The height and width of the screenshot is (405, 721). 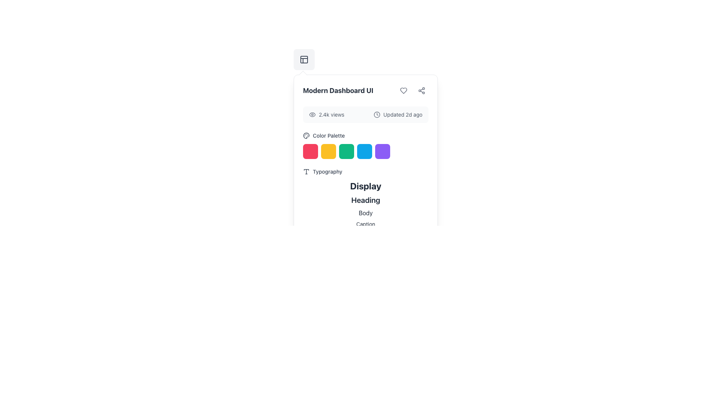 I want to click on the icon located above the card labeled 'Modern Dashboard UI', which serves as a graphical representation indicating a specific mode or action in the top-left quadrant of the layout, so click(x=304, y=59).